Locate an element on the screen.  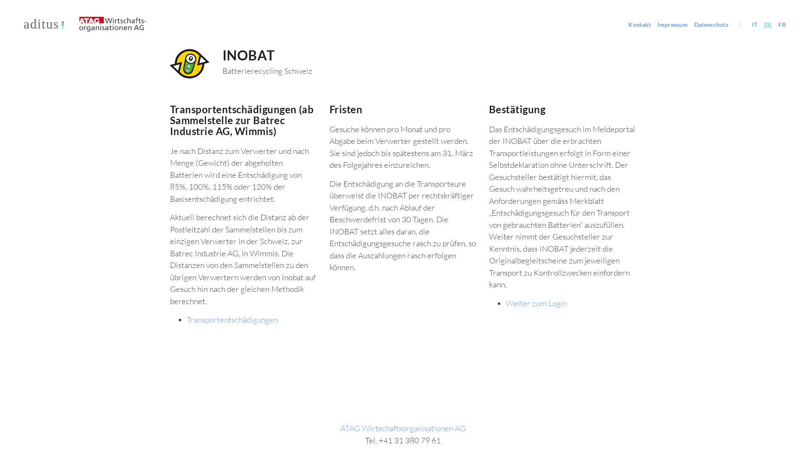
'Weiter zum Login' is located at coordinates (536, 302).